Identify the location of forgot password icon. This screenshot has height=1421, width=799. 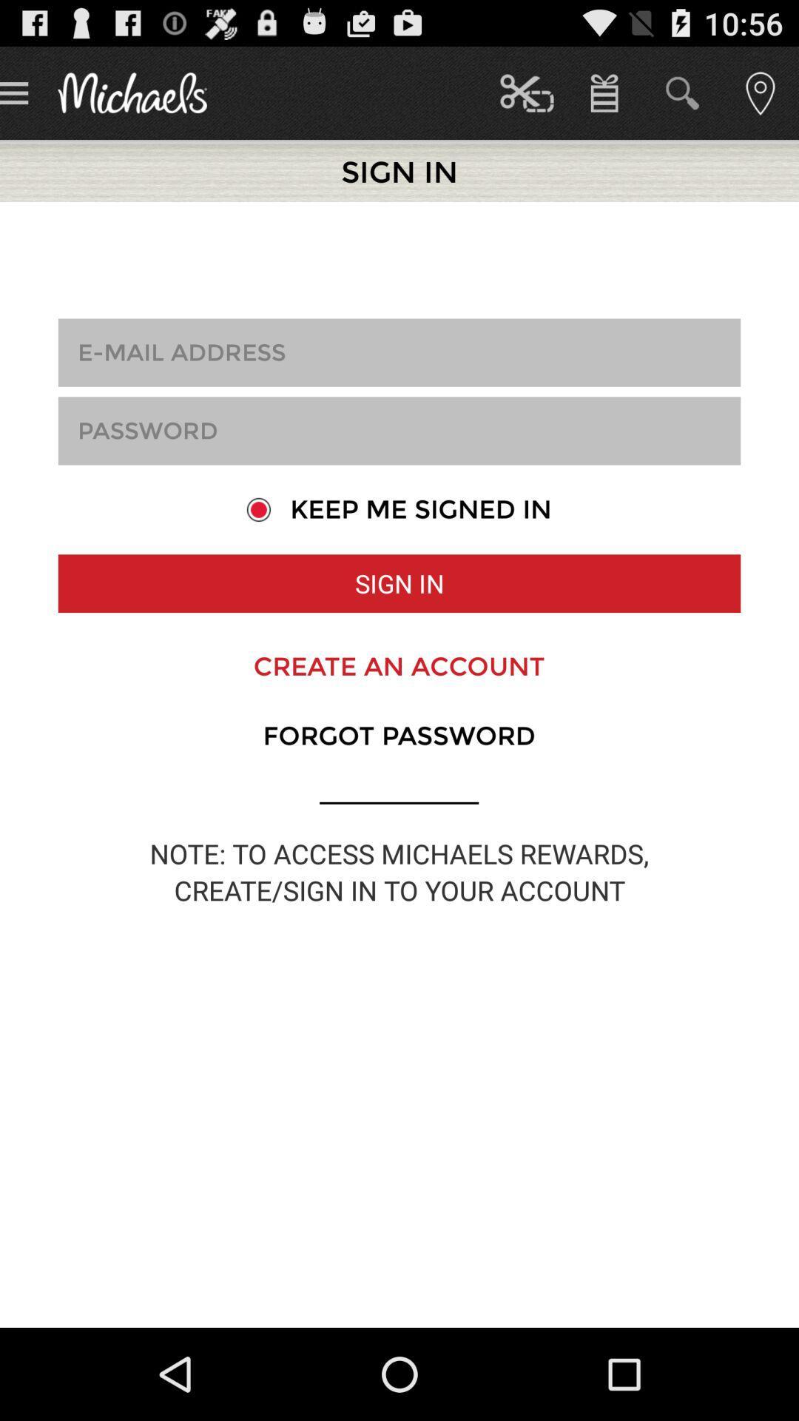
(398, 736).